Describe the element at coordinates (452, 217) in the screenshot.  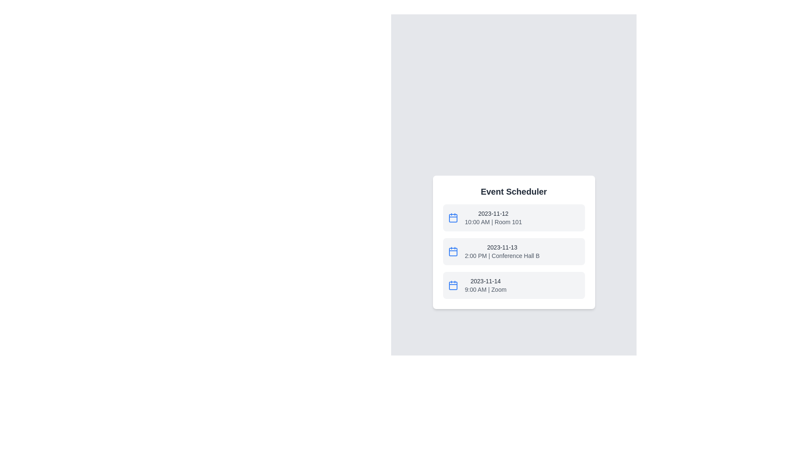
I see `the calendar icon located to the left of the text '2023-11-12 10:00 AM | Room 101', which indicates a calendar event` at that location.